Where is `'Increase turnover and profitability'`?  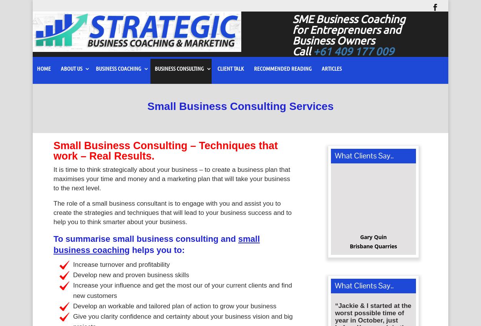 'Increase turnover and profitability' is located at coordinates (73, 267).